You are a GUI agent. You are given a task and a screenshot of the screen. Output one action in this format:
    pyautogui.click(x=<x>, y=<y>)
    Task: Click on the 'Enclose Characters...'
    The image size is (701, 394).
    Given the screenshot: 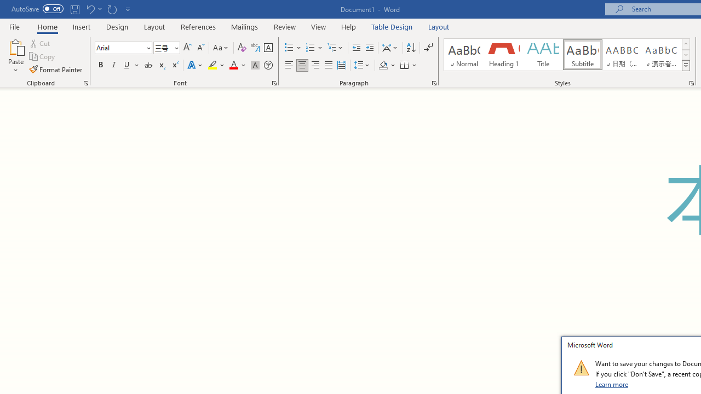 What is the action you would take?
    pyautogui.click(x=268, y=65)
    